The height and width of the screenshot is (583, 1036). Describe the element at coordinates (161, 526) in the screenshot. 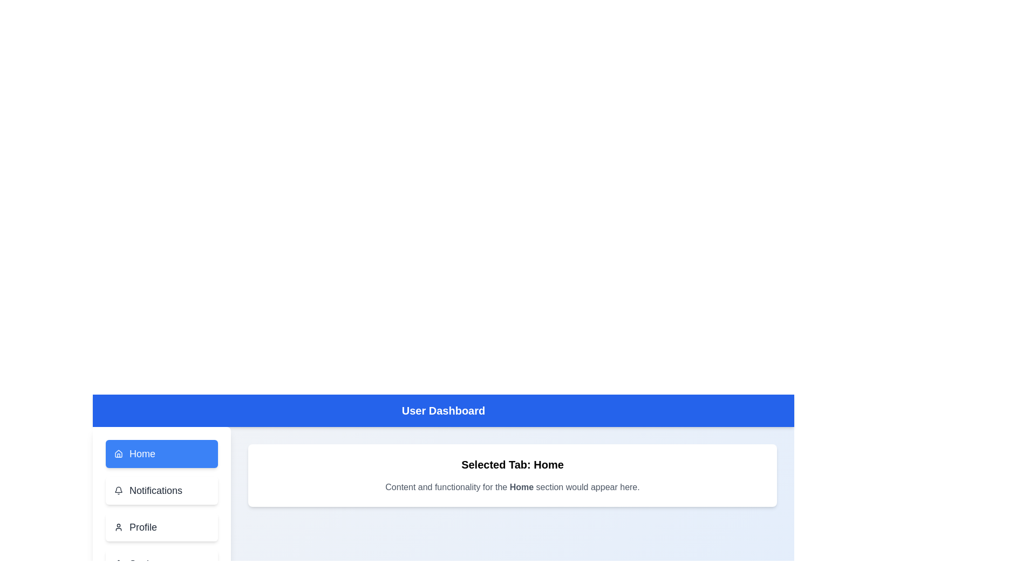

I see `the navigation button labeled Profile` at that location.